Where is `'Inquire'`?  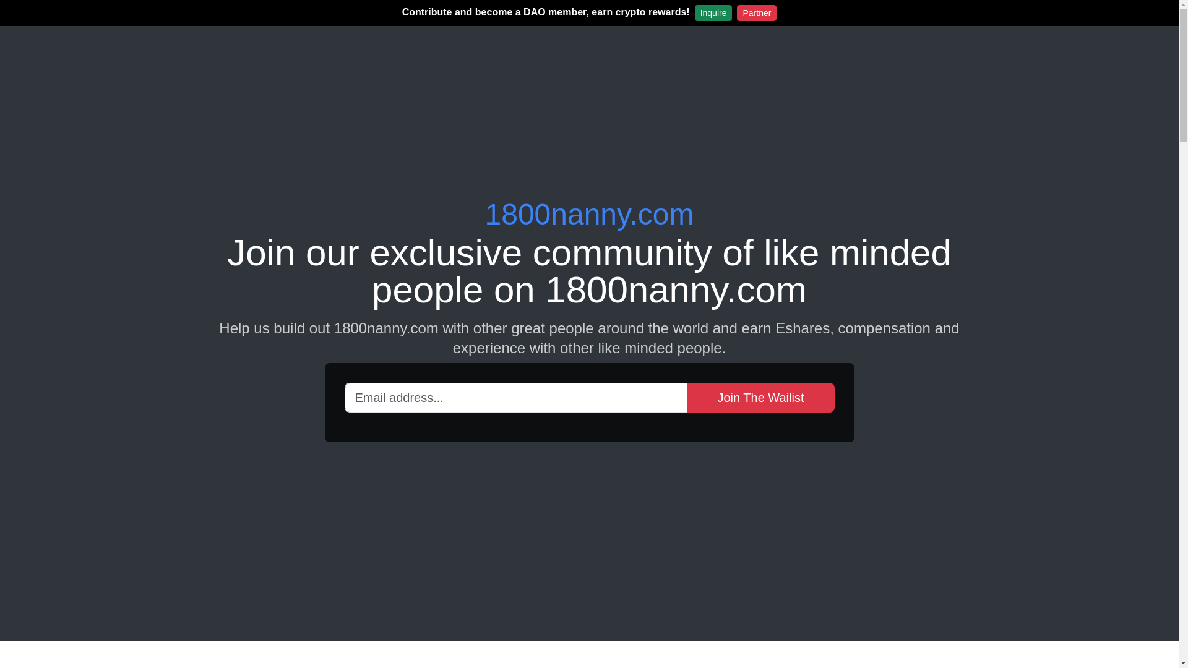 'Inquire' is located at coordinates (695, 12).